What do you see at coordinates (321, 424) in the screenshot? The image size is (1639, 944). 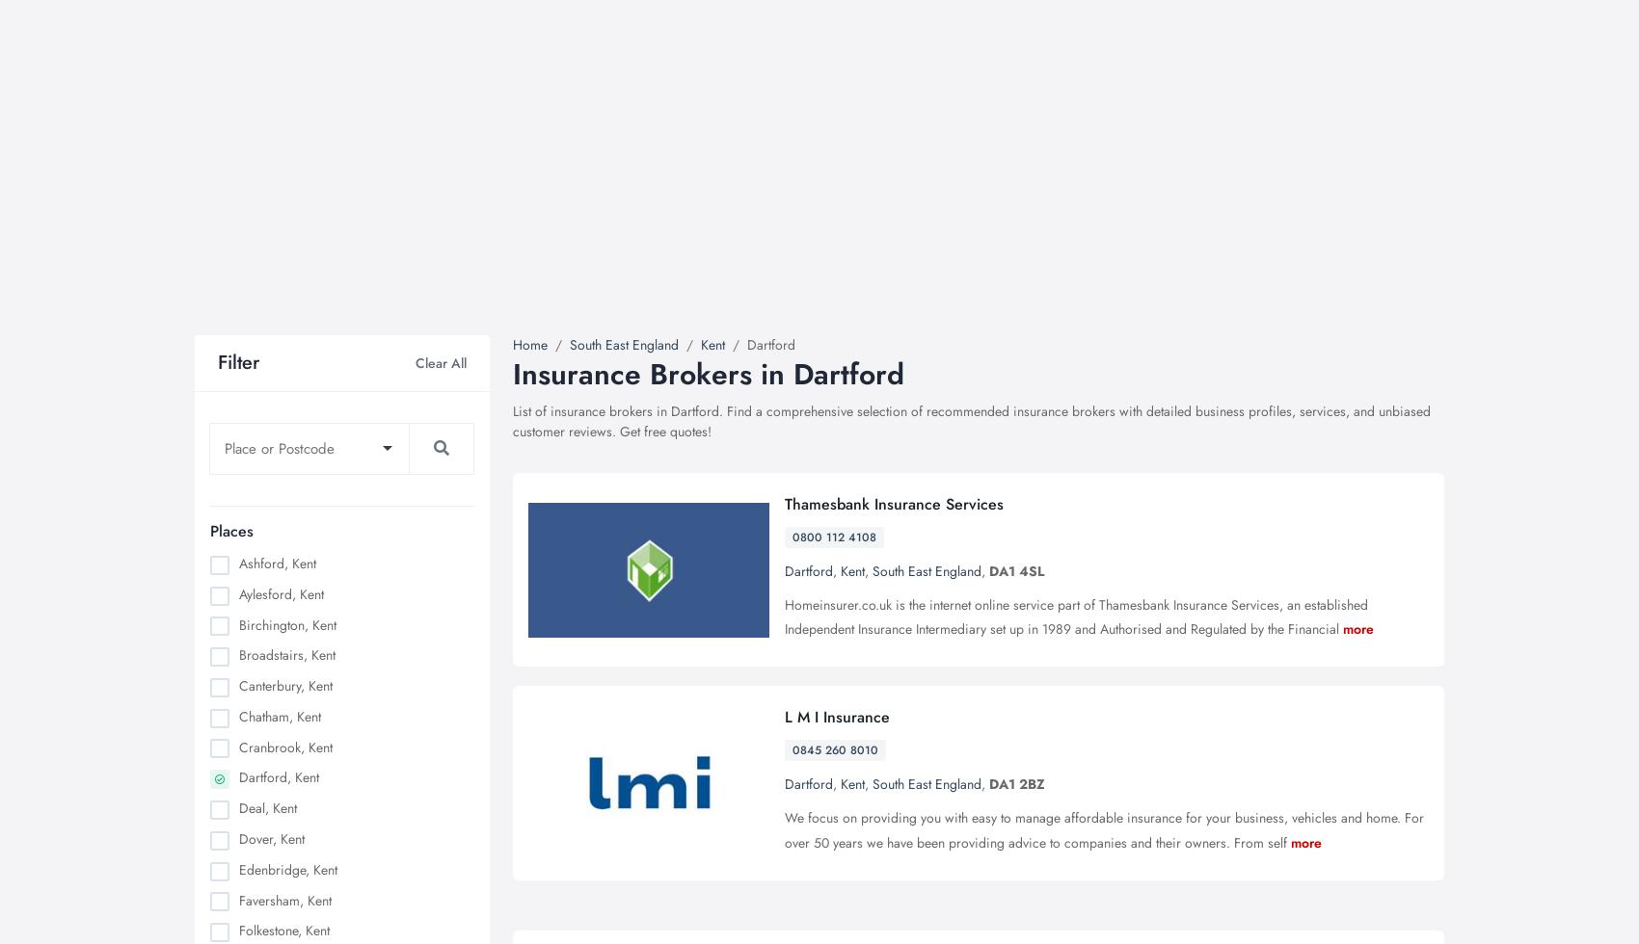 I see `'Kingston upon Hull, East Riding of Yorkshire'` at bounding box center [321, 424].